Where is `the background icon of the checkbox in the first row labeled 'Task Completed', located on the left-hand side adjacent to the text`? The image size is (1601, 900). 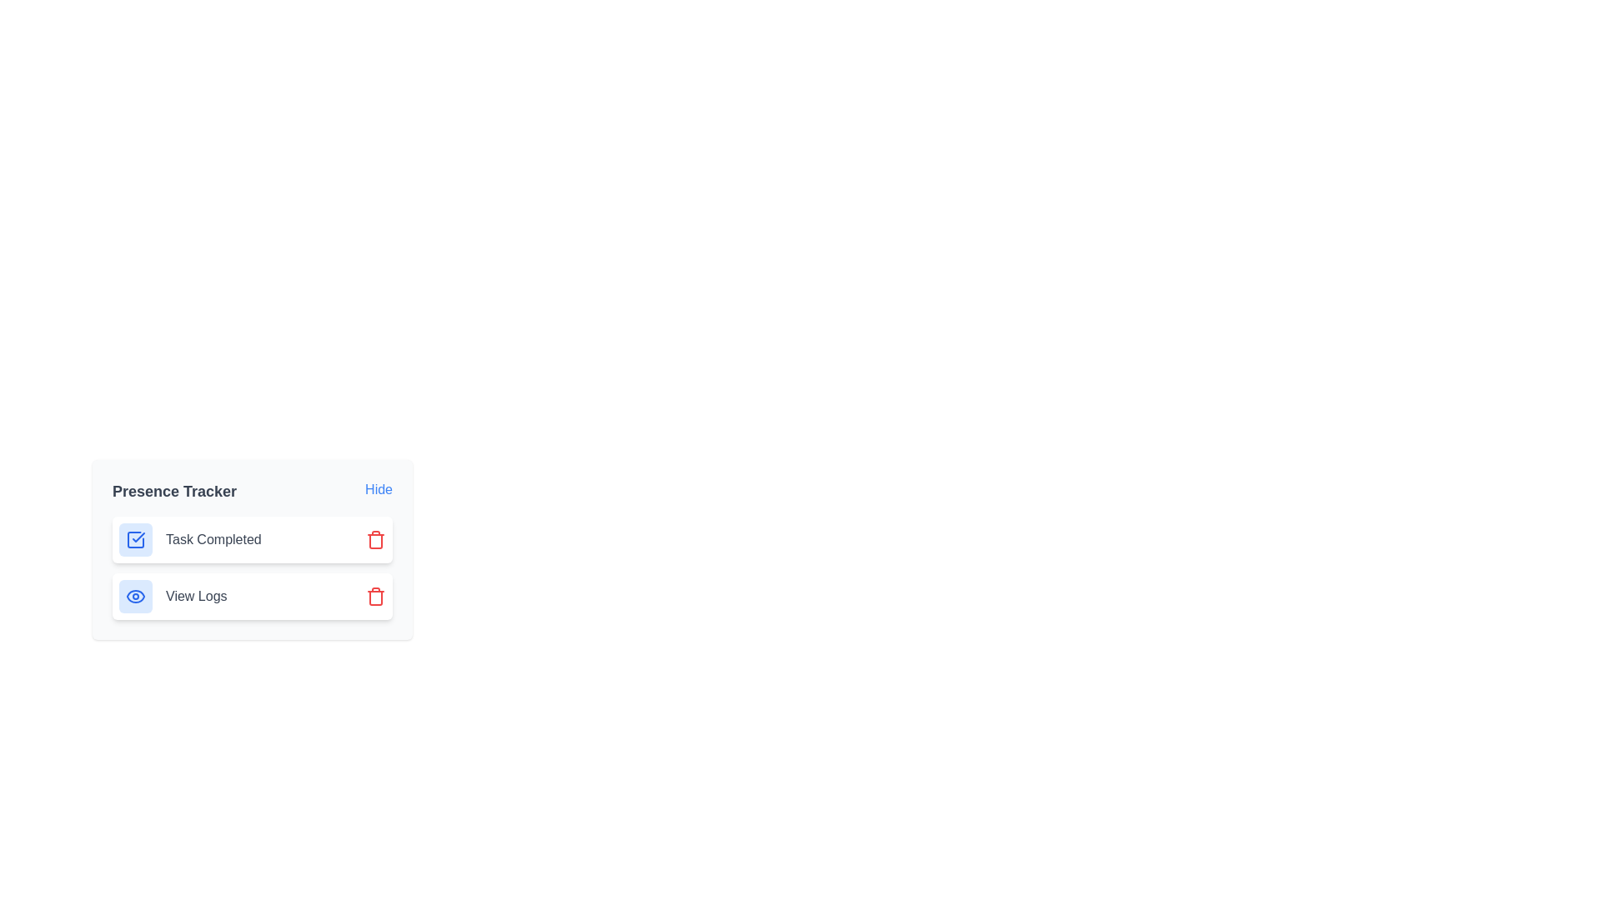
the background icon of the checkbox in the first row labeled 'Task Completed', located on the left-hand side adjacent to the text is located at coordinates (136, 540).